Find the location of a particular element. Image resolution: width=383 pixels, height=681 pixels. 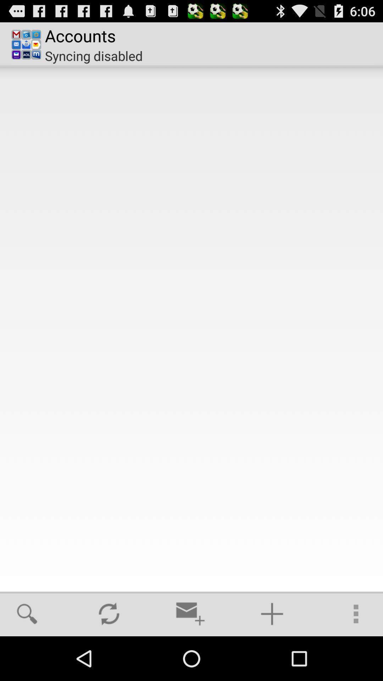

the item at the center is located at coordinates (191, 329).